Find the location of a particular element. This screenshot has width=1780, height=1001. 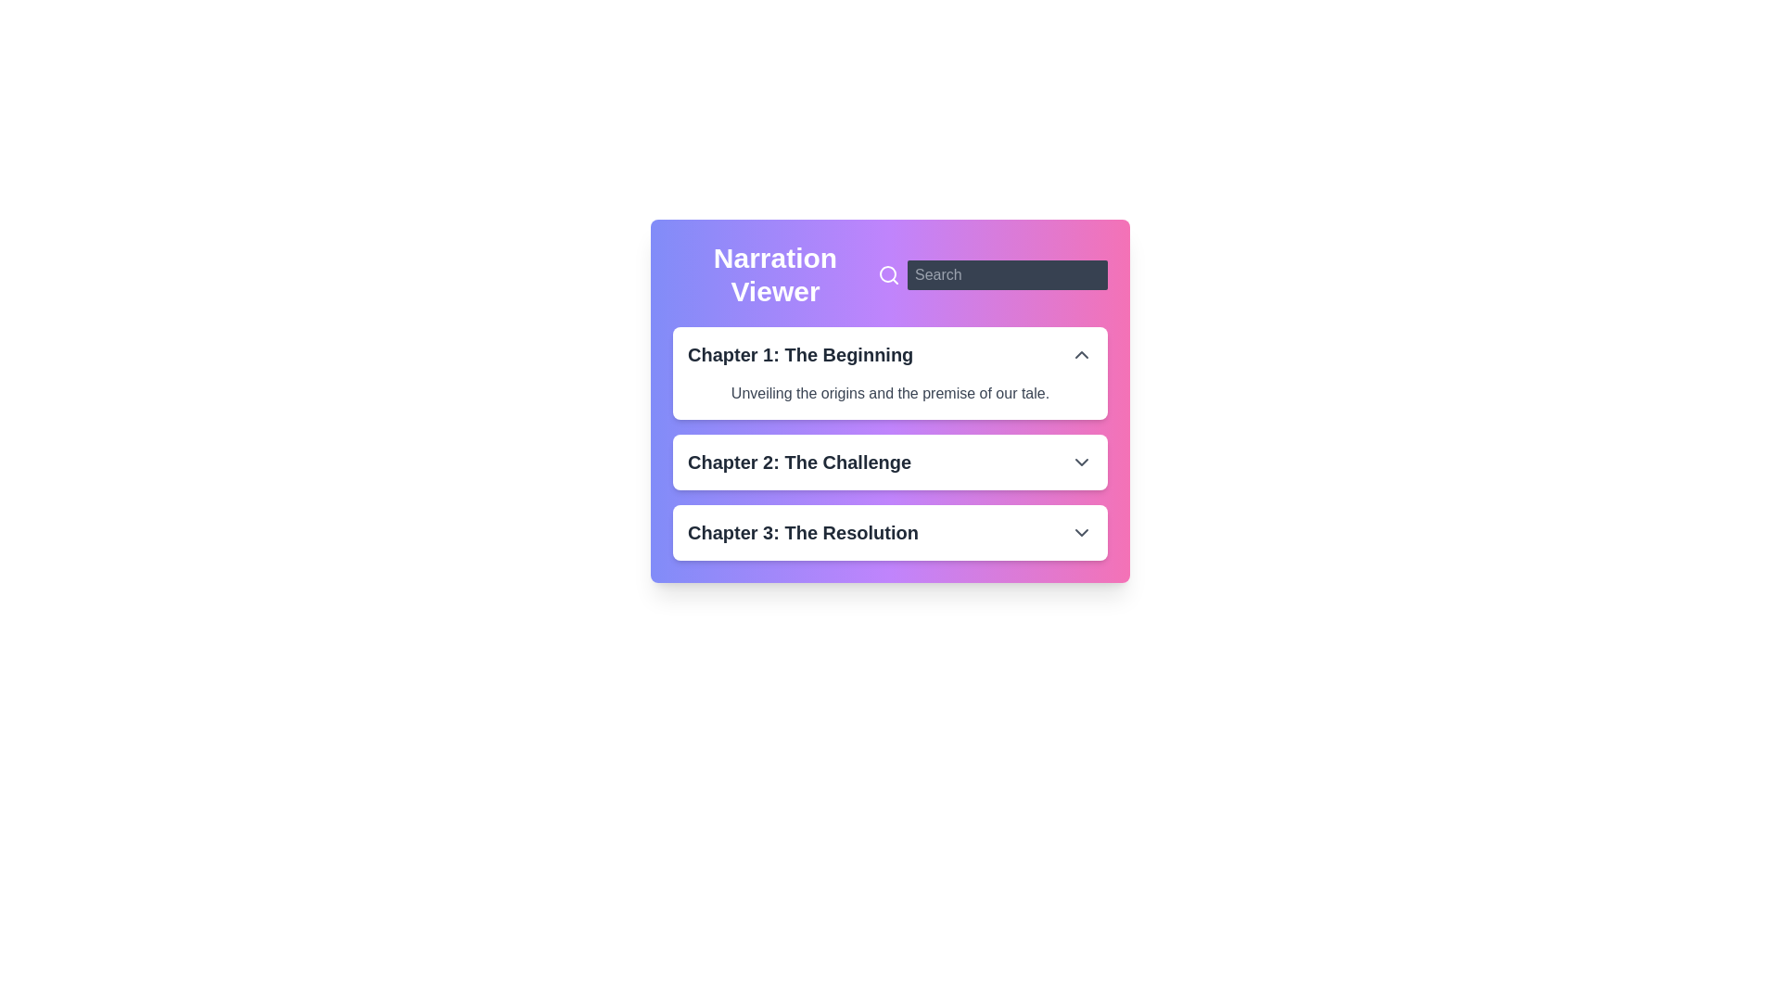

the collapsible section header titled 'Chapter 1: The Beginning' with an adjacent 'chevron up' icon to indicate it is a collapsible section is located at coordinates (890, 354).